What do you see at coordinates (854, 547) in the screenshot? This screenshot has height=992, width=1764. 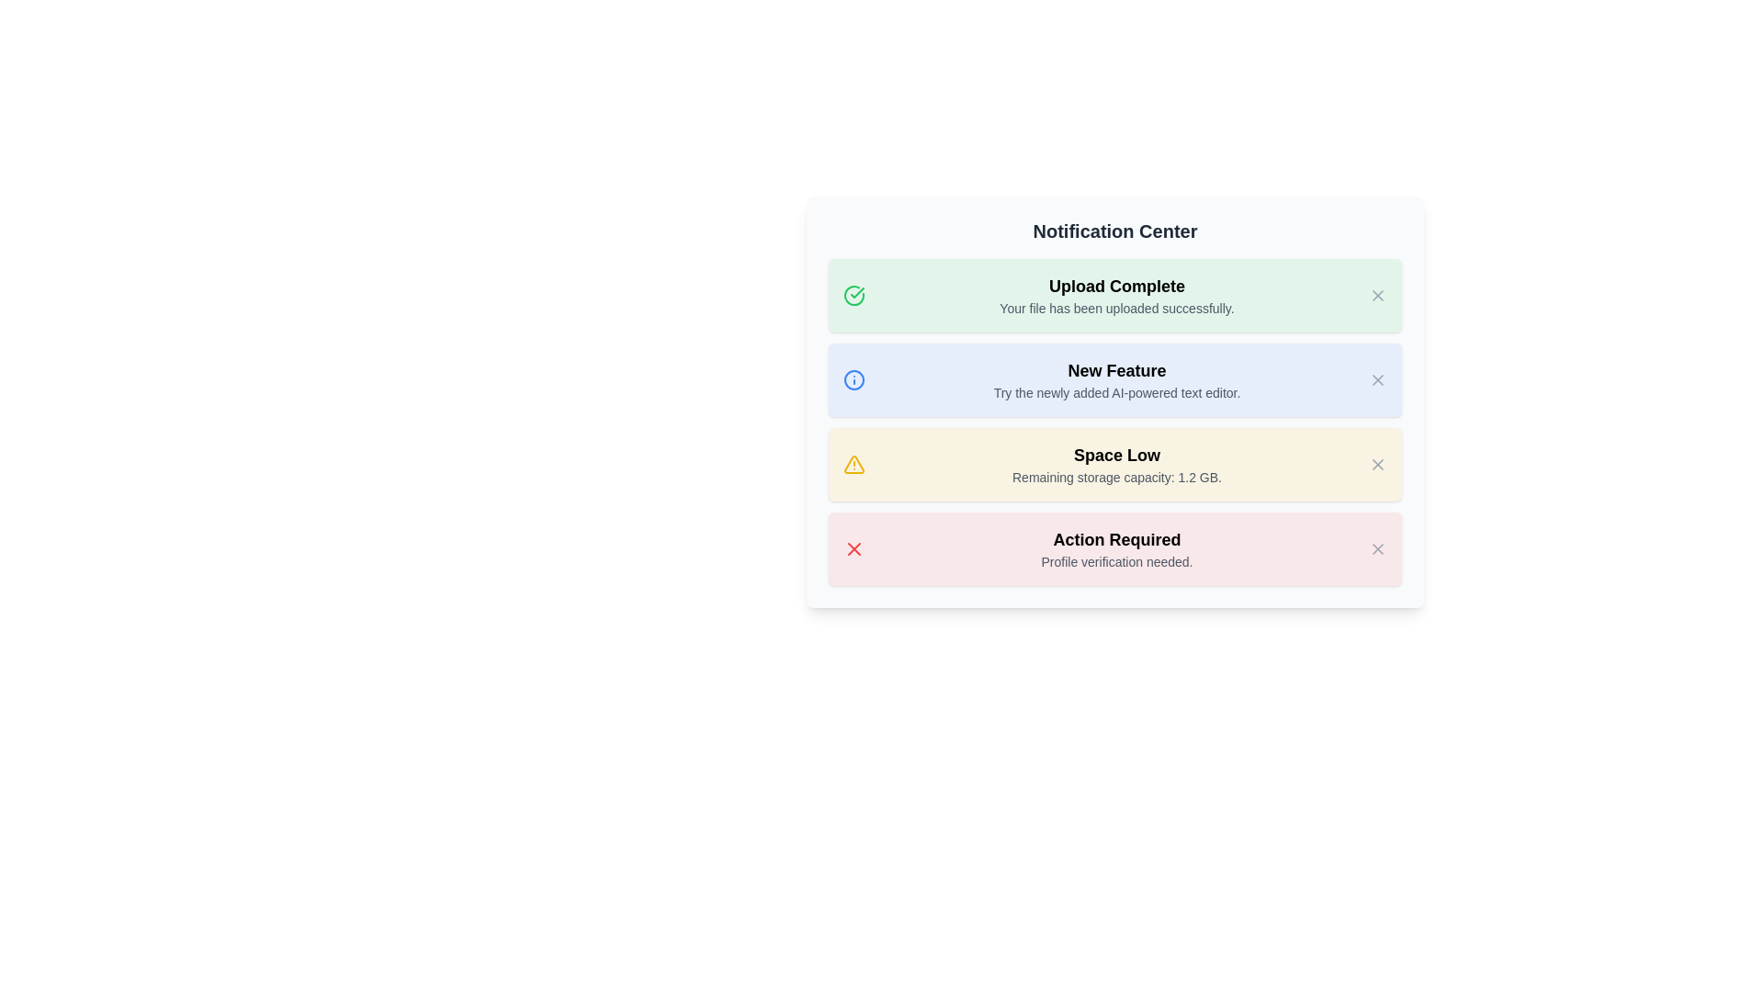 I see `the 'X' icon in the 'Action Required' notification card, which indicates an error or critical attention requirement` at bounding box center [854, 547].